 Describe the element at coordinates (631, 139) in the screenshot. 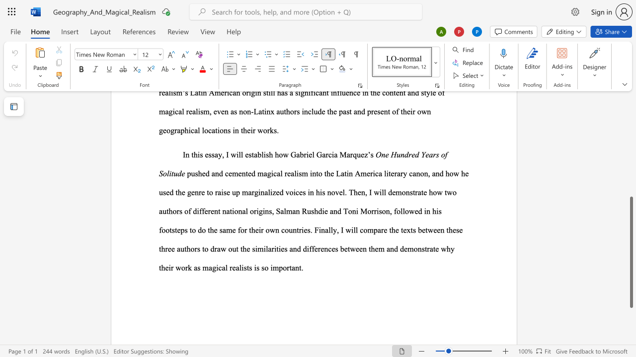

I see `the scrollbar on the right to shift the page higher` at that location.